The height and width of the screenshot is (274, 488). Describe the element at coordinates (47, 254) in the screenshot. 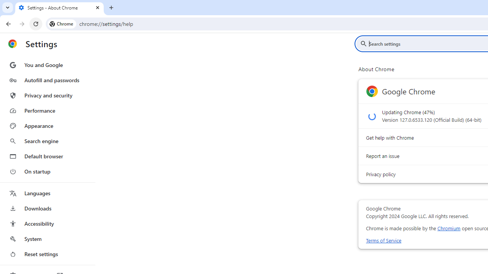

I see `'Reset settings'` at that location.